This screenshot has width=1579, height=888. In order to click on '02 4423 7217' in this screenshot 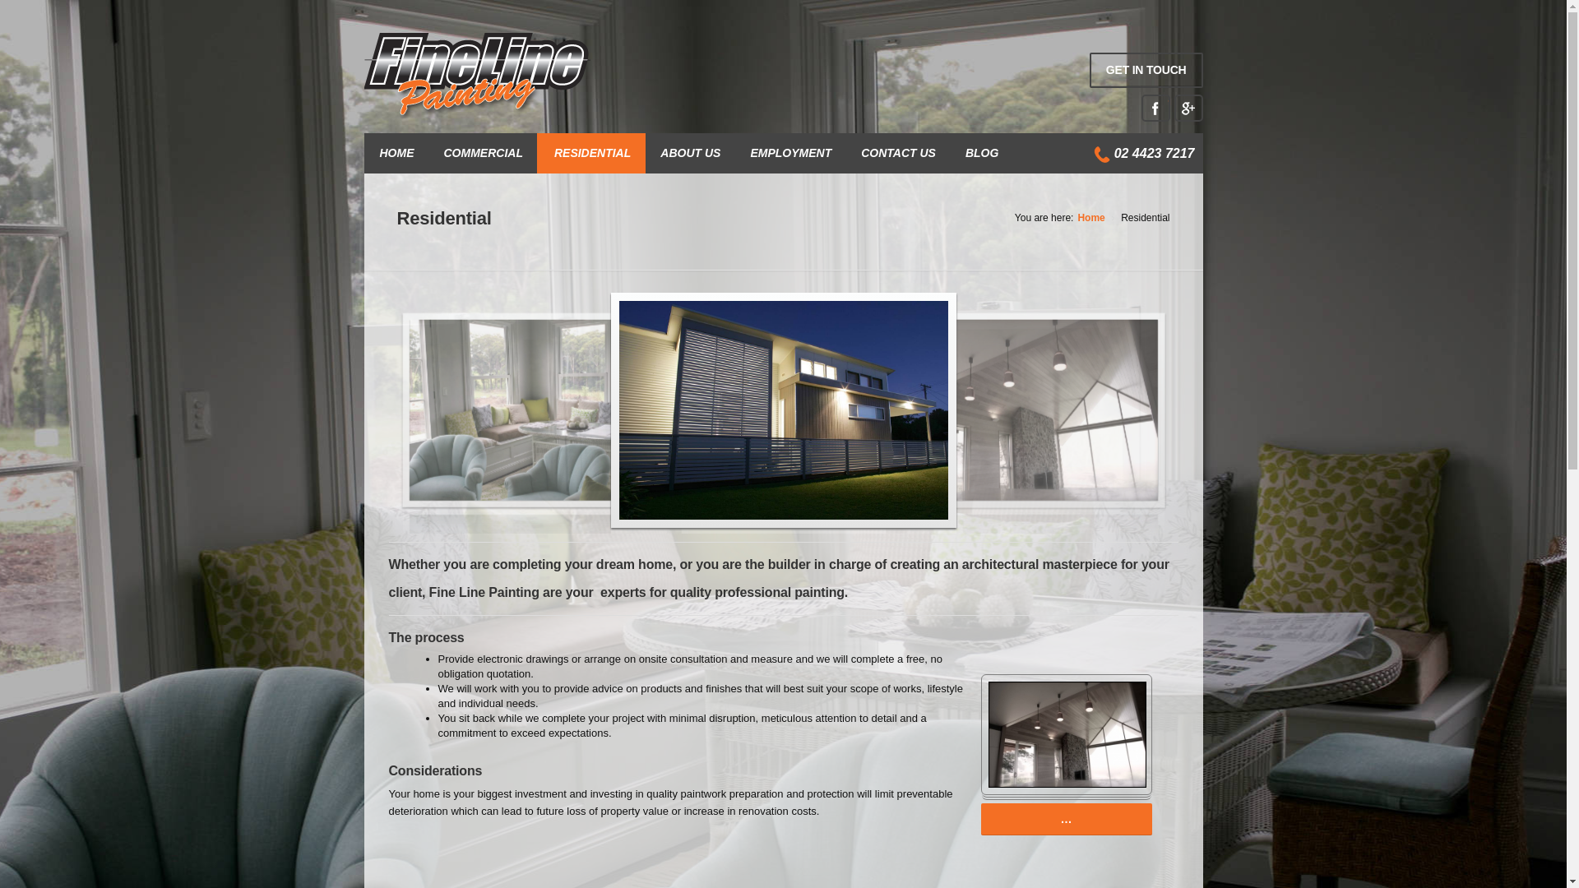, I will do `click(1153, 153)`.